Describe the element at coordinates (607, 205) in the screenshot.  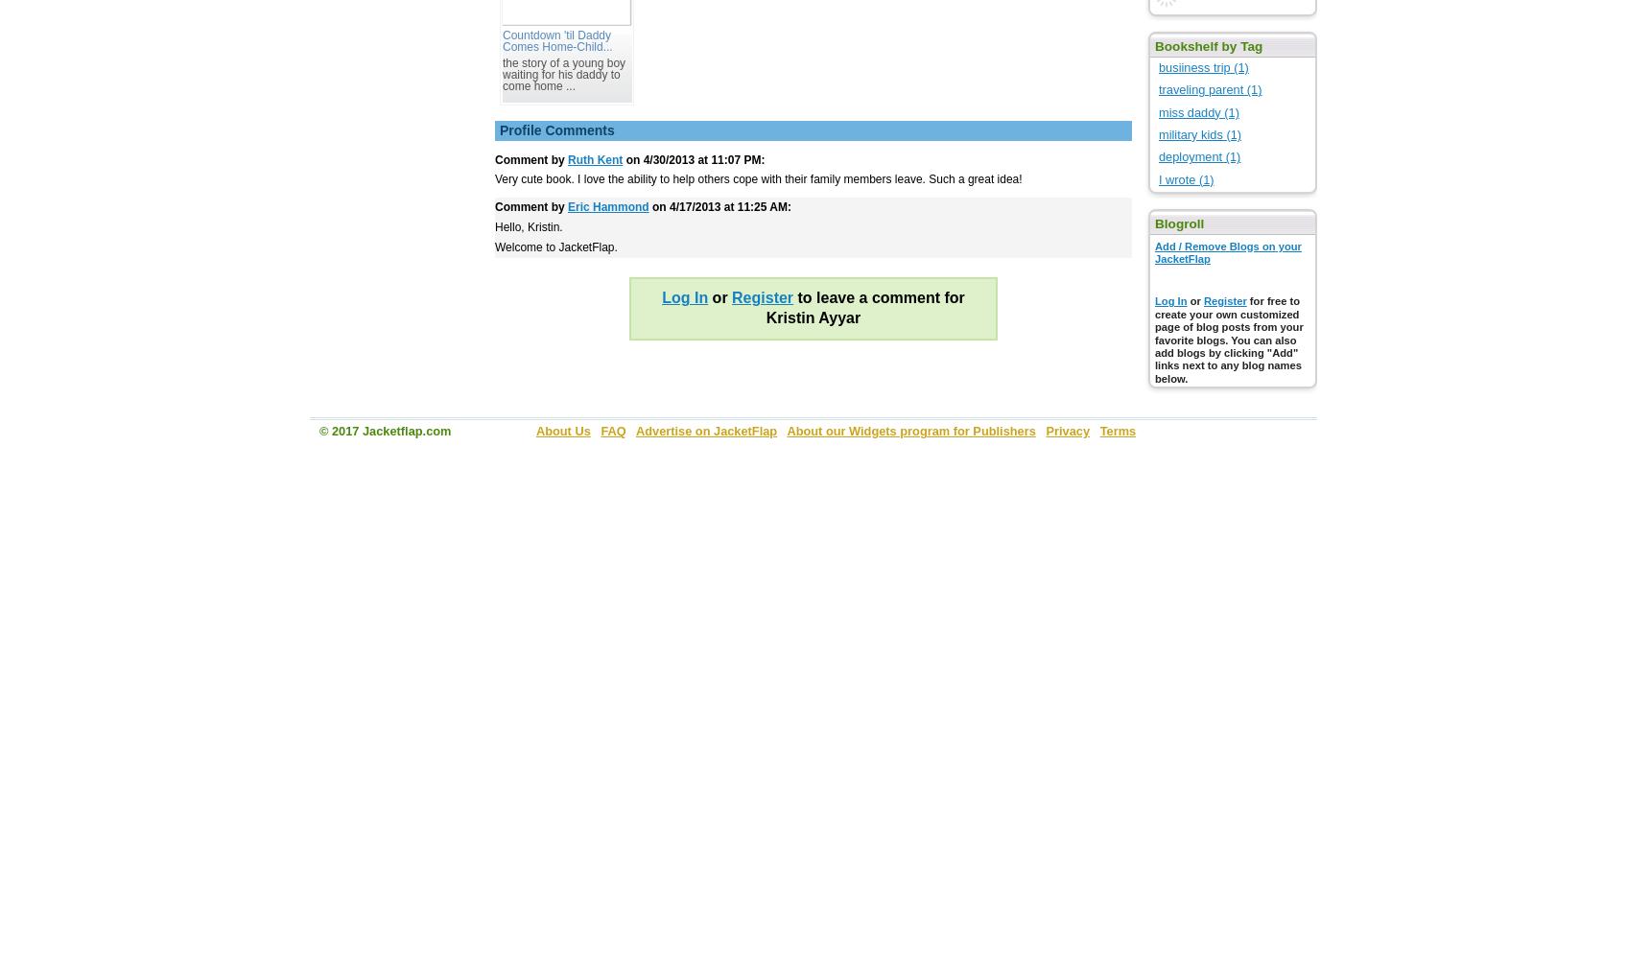
I see `'Eric Hammond'` at that location.